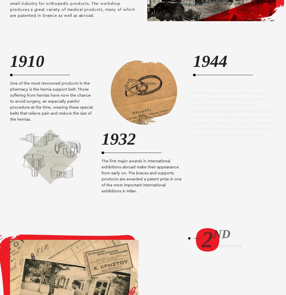  What do you see at coordinates (119, 138) in the screenshot?
I see `'1932'` at bounding box center [119, 138].